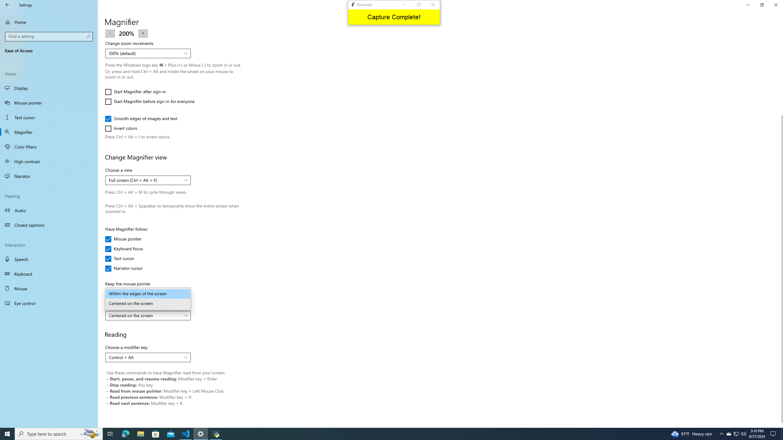 This screenshot has height=440, width=783. I want to click on 'Centered on the screen', so click(144, 315).